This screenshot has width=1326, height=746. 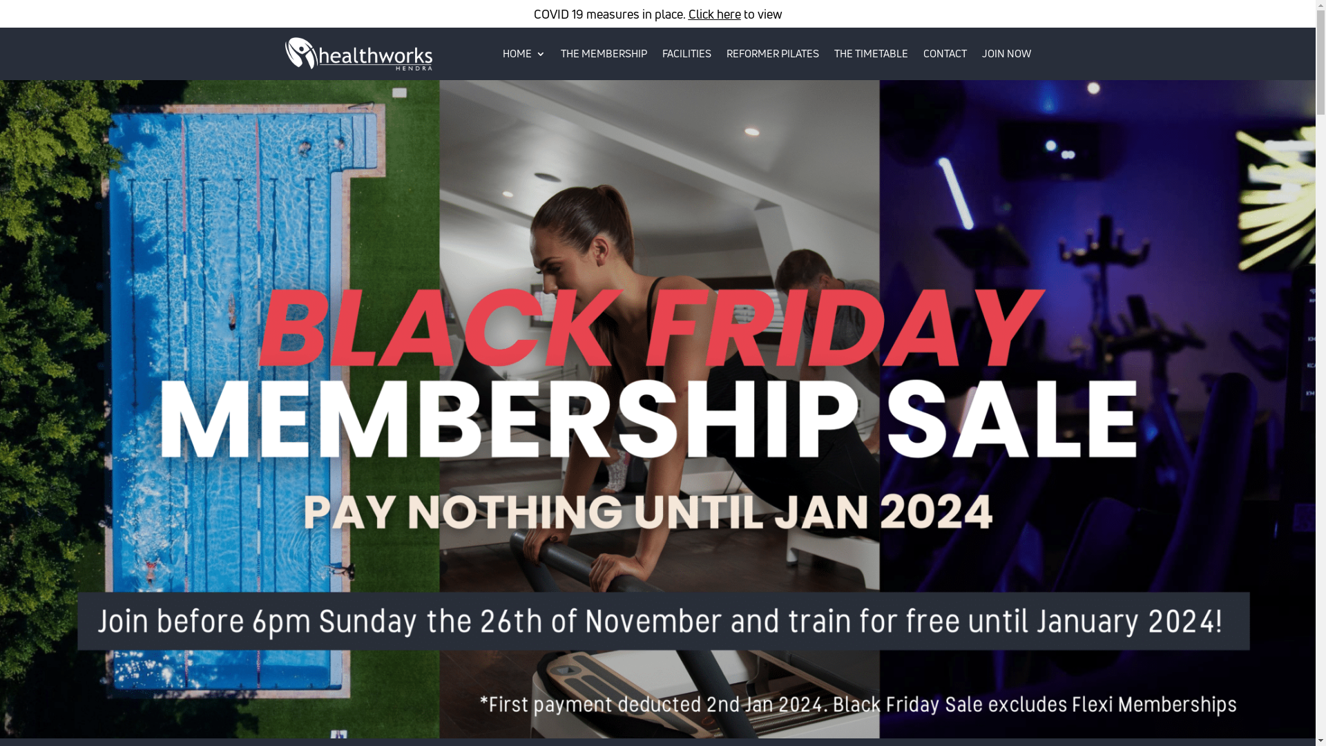 I want to click on 'REFORMER PILATES', so click(x=771, y=52).